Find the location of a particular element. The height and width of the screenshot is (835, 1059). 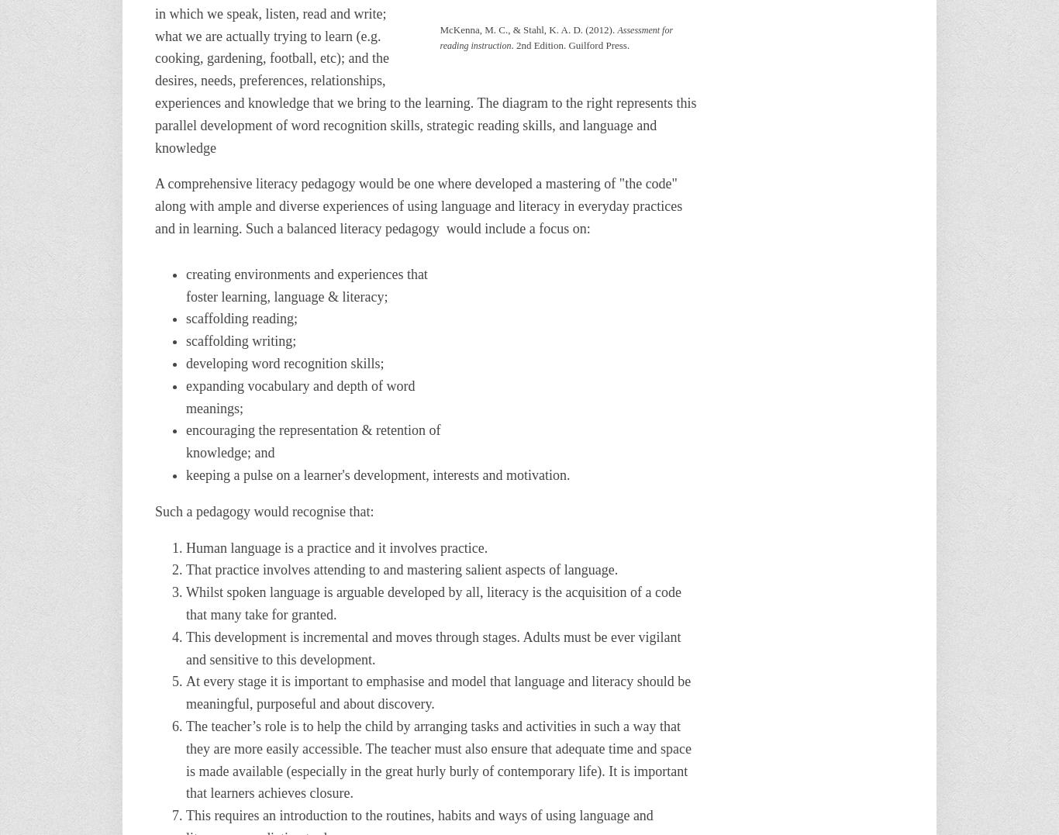

'encouraging the representation & retention of knowledge; and' is located at coordinates (312, 441).